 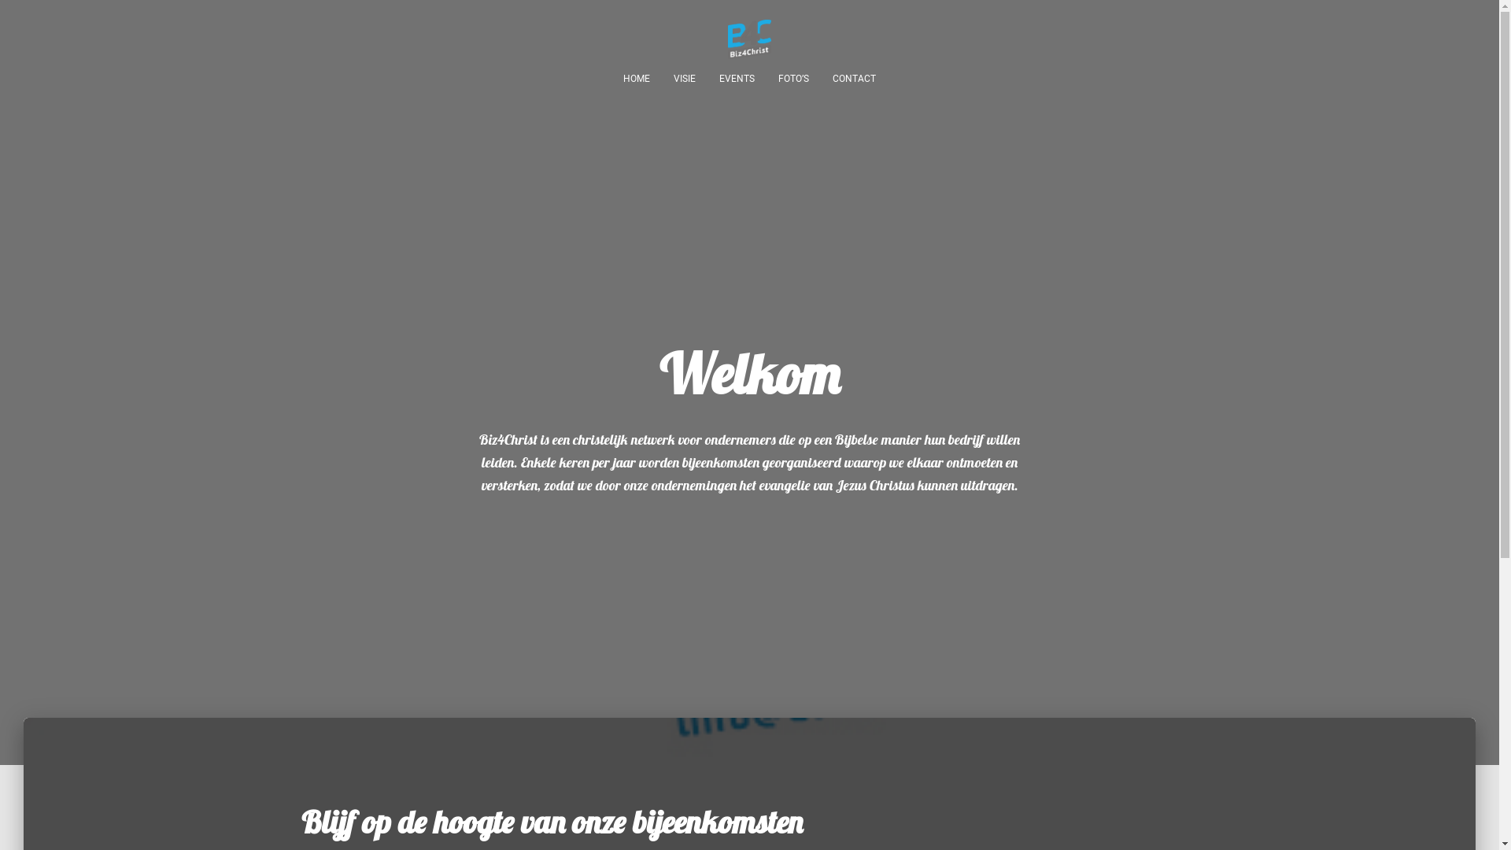 I want to click on 'Biz4Christ', so click(x=715, y=39).